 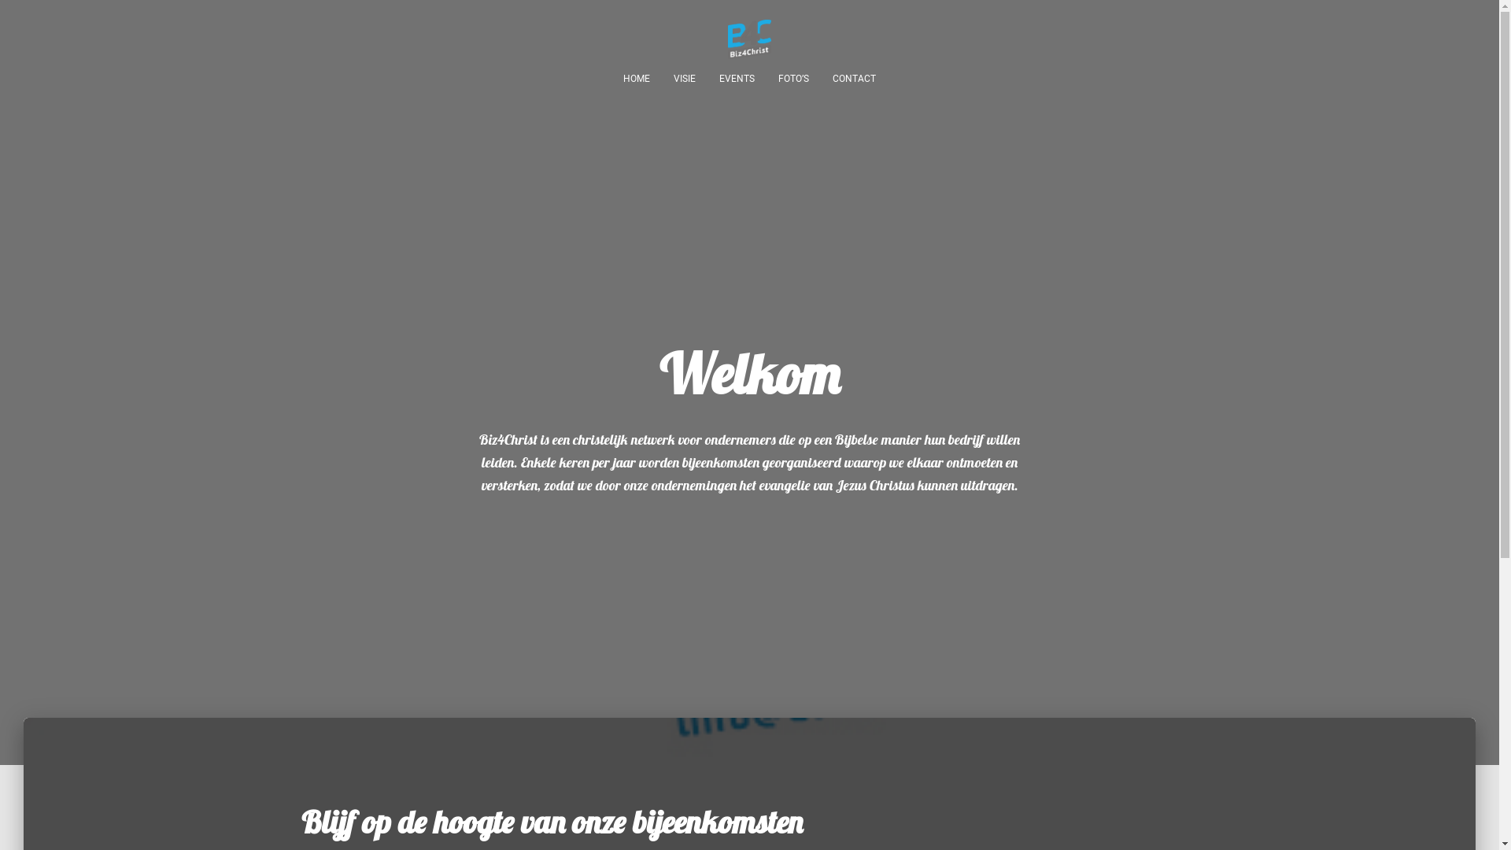 I want to click on 'Biz4Christ', so click(x=715, y=39).